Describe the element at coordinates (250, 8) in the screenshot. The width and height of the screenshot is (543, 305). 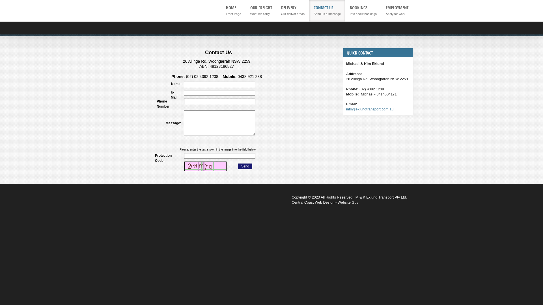
I see `'OUR FREIGHT'` at that location.